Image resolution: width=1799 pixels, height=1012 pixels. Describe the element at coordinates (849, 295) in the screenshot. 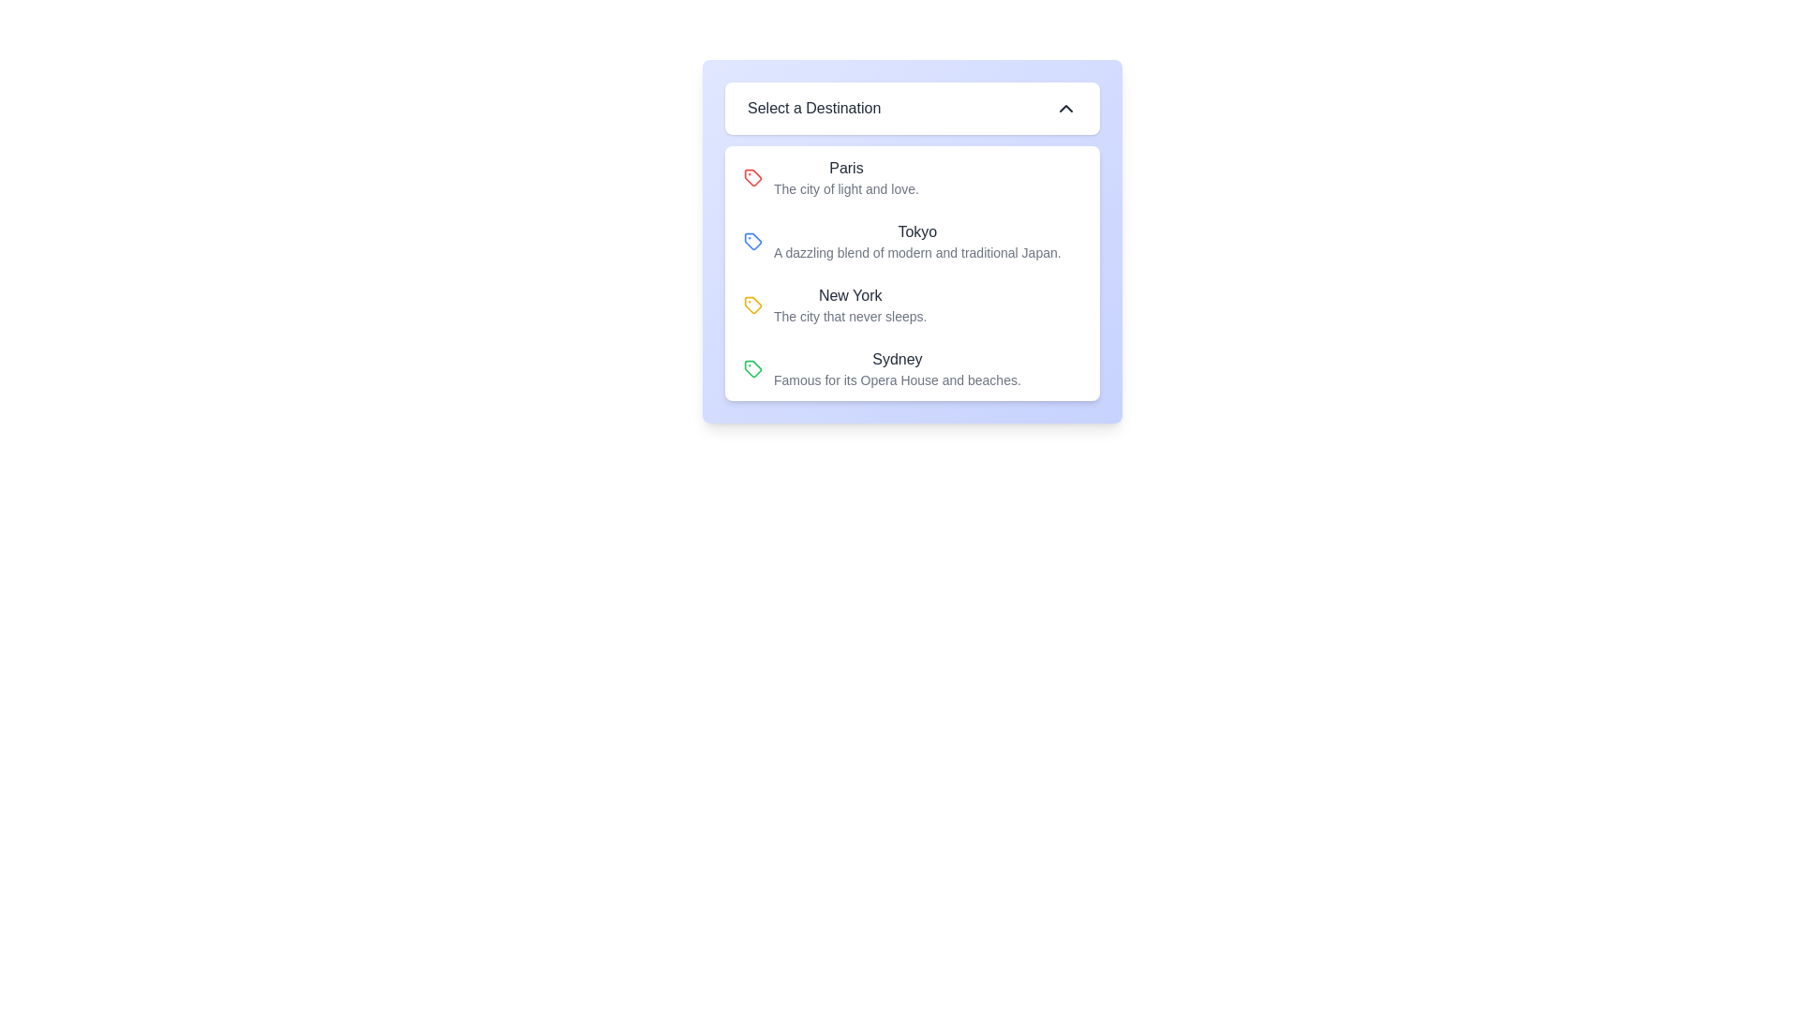

I see `the title text 'New York' located in the dropdown option for 'Select a Destination'` at that location.